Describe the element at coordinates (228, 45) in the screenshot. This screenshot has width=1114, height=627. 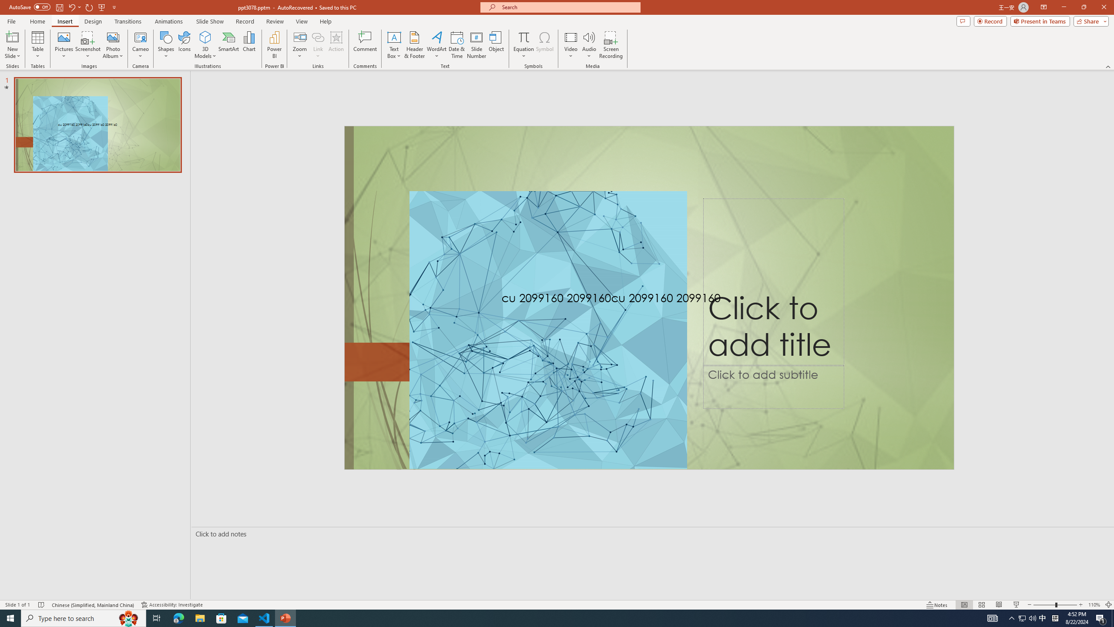
I see `'SmartArt...'` at that location.